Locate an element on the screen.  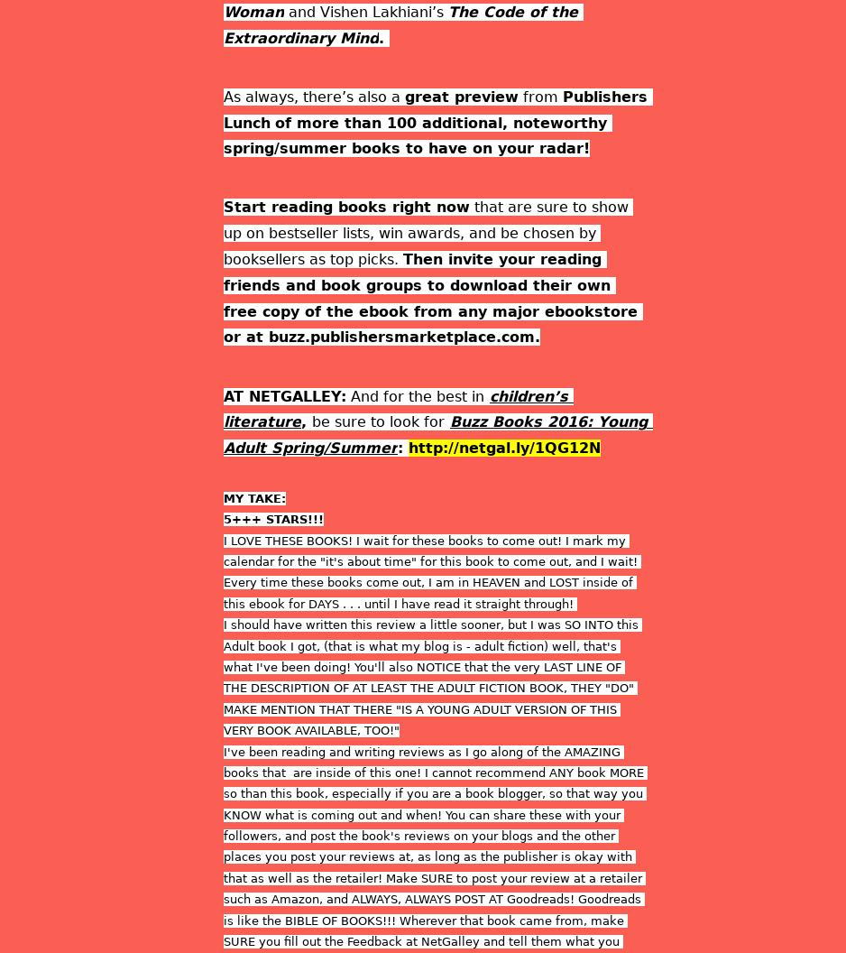
'http://netgal.ly/1QG12N' is located at coordinates (504, 447).